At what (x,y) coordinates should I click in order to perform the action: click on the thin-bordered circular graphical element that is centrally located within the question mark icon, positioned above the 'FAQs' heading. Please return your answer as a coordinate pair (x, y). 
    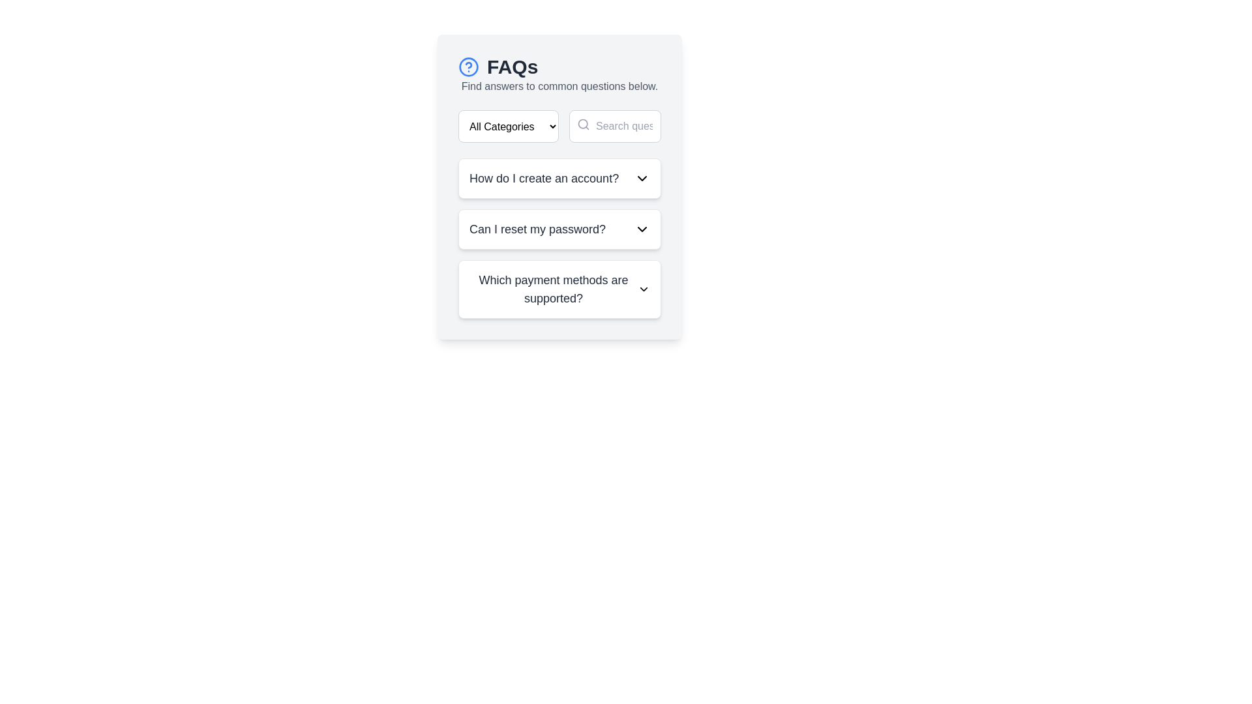
    Looking at the image, I should click on (469, 67).